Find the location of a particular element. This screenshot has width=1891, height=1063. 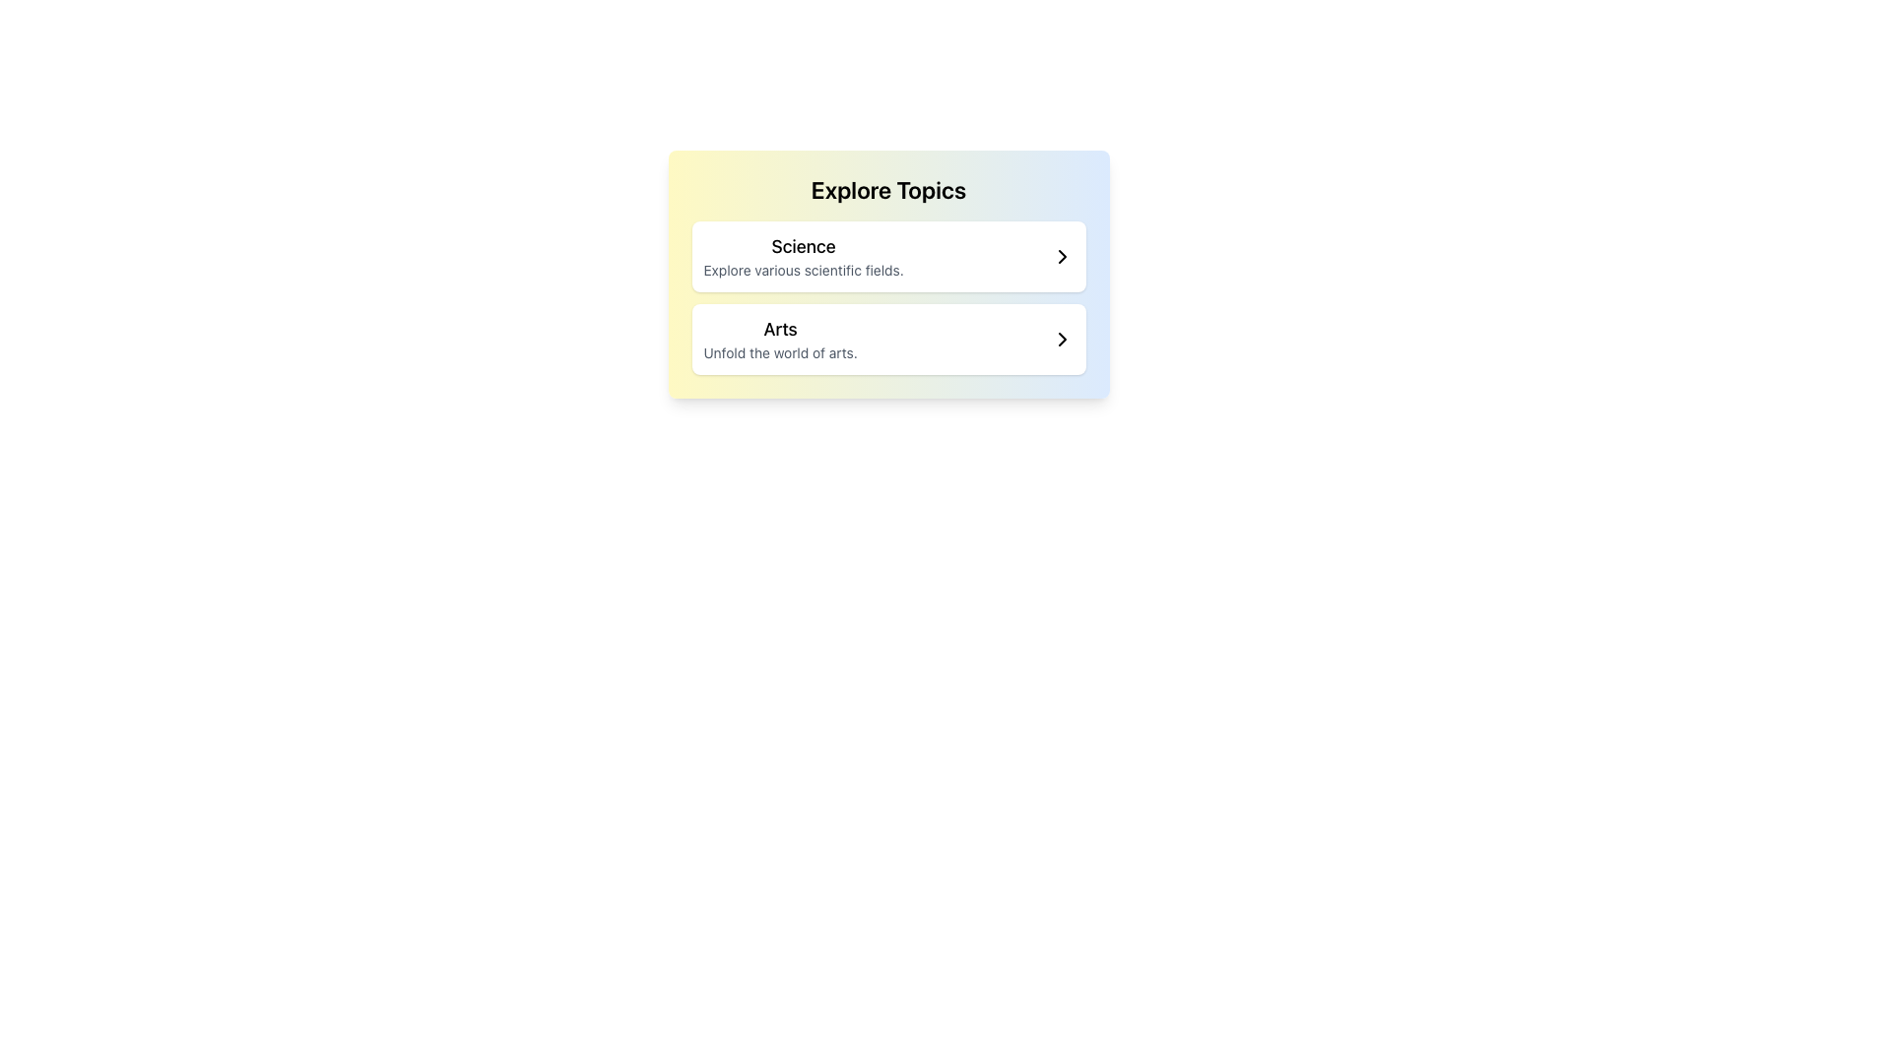

the rightward-pointing chevron icon located in the rightmost section of the 'Science' row is located at coordinates (1061, 256).